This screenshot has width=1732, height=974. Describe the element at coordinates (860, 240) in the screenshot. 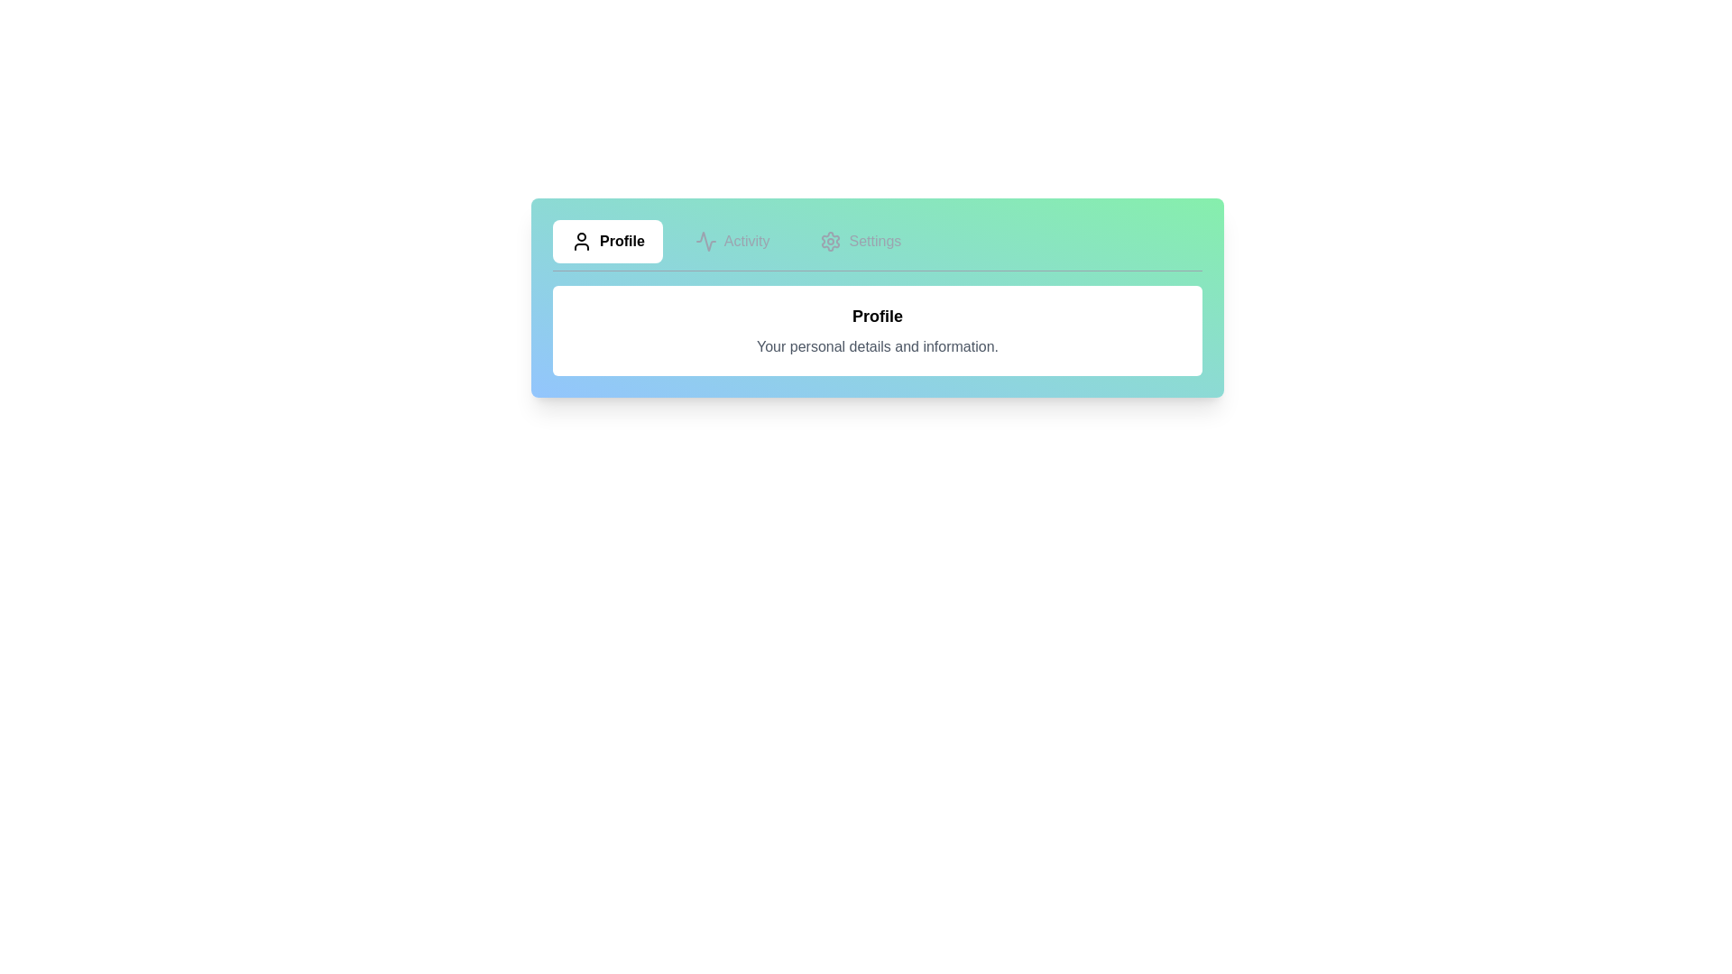

I see `the tab button labeled Settings` at that location.